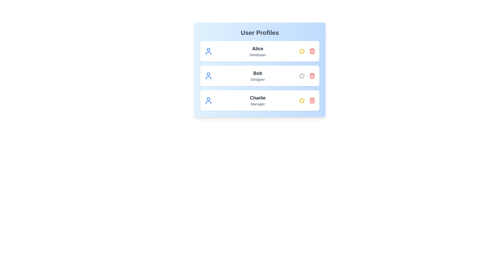 This screenshot has width=493, height=277. Describe the element at coordinates (312, 101) in the screenshot. I see `trash icon for Charlie to remove the profile` at that location.